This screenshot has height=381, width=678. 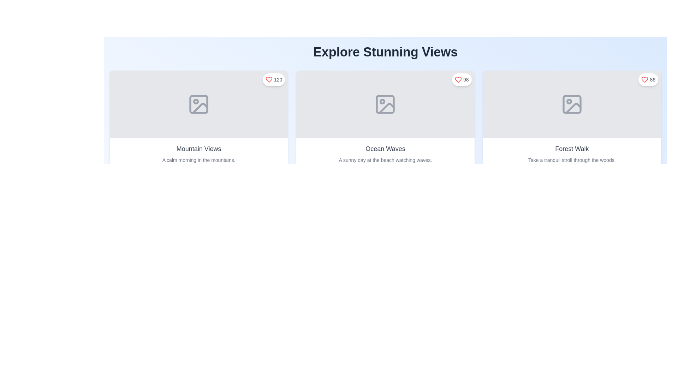 I want to click on the static text label displaying 'A calm morning in the mountains.' located below the title 'Mountain Views.', so click(x=198, y=160).